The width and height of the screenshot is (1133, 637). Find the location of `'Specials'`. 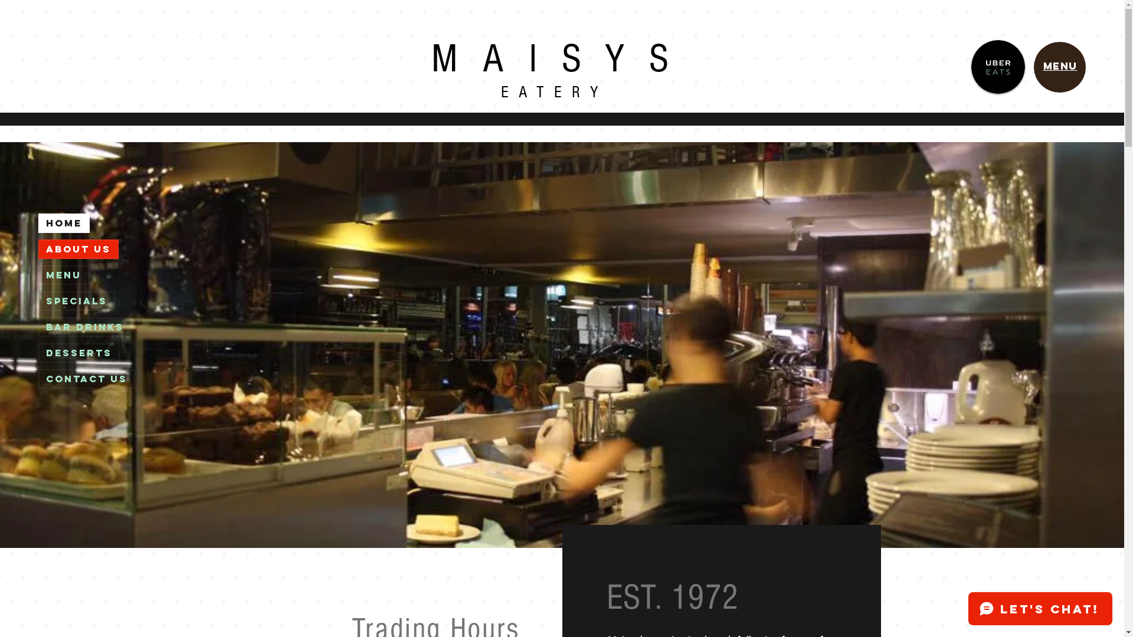

'Specials' is located at coordinates (76, 300).